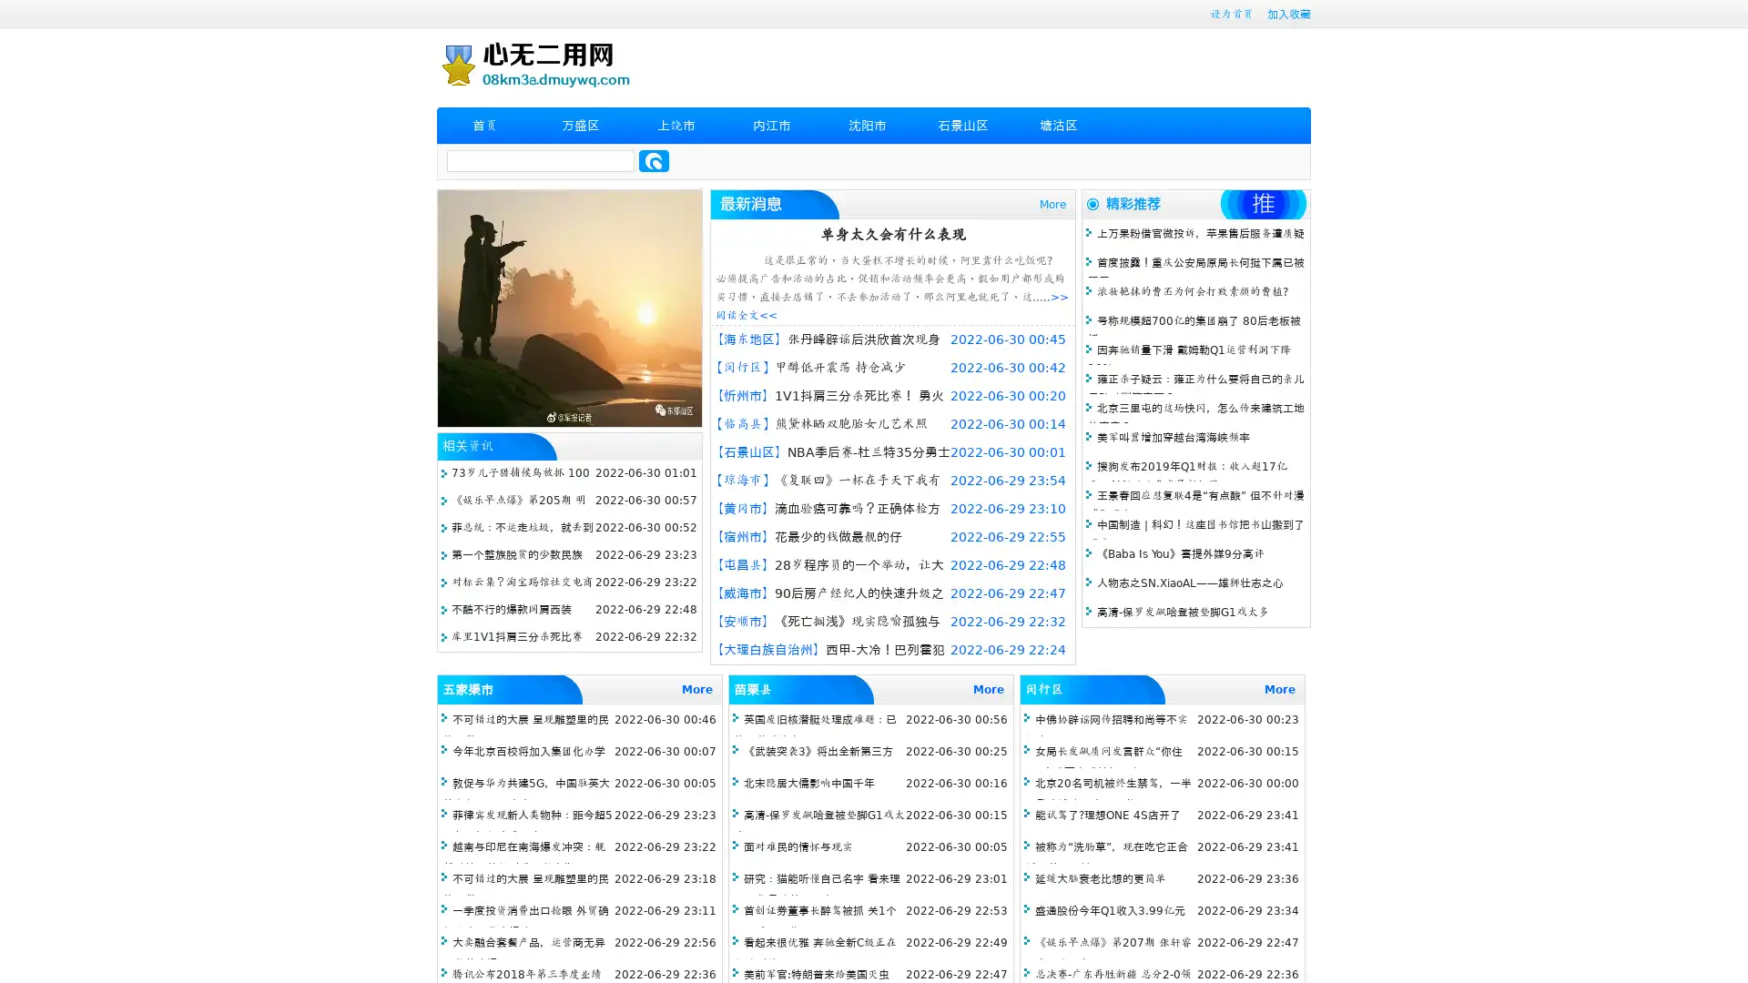 Image resolution: width=1748 pixels, height=983 pixels. Describe the element at coordinates (654, 160) in the screenshot. I see `Search` at that location.